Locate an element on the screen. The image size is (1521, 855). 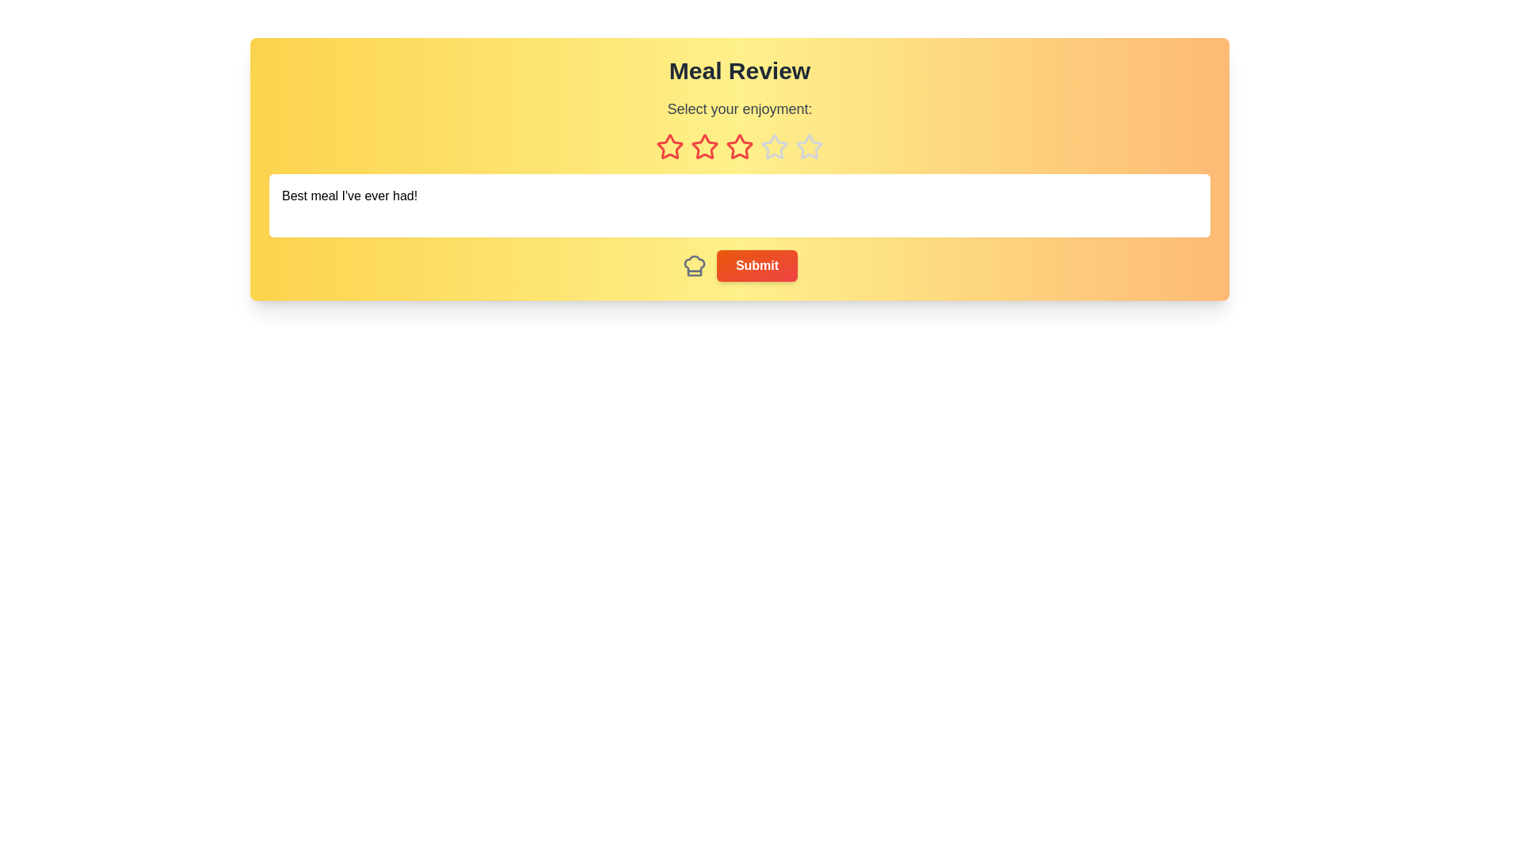
the third interactive rating star in the row of five stars is located at coordinates (738, 146).